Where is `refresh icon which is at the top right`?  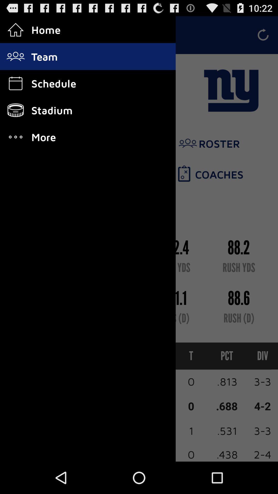 refresh icon which is at the top right is located at coordinates (263, 35).